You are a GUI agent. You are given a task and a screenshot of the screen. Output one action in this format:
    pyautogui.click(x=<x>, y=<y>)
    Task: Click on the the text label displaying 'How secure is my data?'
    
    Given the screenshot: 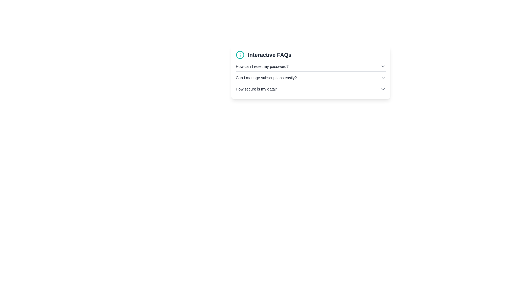 What is the action you would take?
    pyautogui.click(x=256, y=89)
    